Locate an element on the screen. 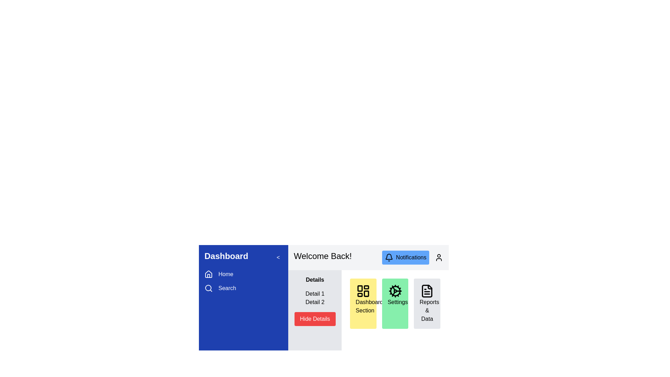 The width and height of the screenshot is (670, 377). the text label that serves as a header or title, located to the left of an interactive '<' icon in the blue sidebar at the top-left area of the application layout is located at coordinates (226, 257).